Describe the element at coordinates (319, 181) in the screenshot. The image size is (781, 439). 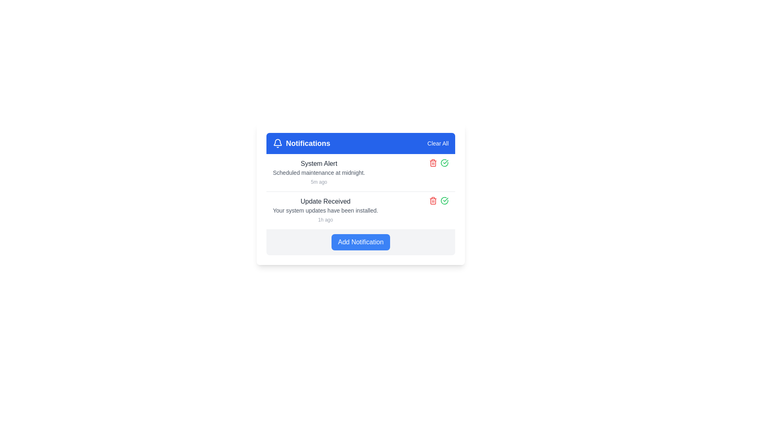
I see `the small text display showing '5m ago' in light gray, located at the bottom of the 'System Alert' notification card` at that location.